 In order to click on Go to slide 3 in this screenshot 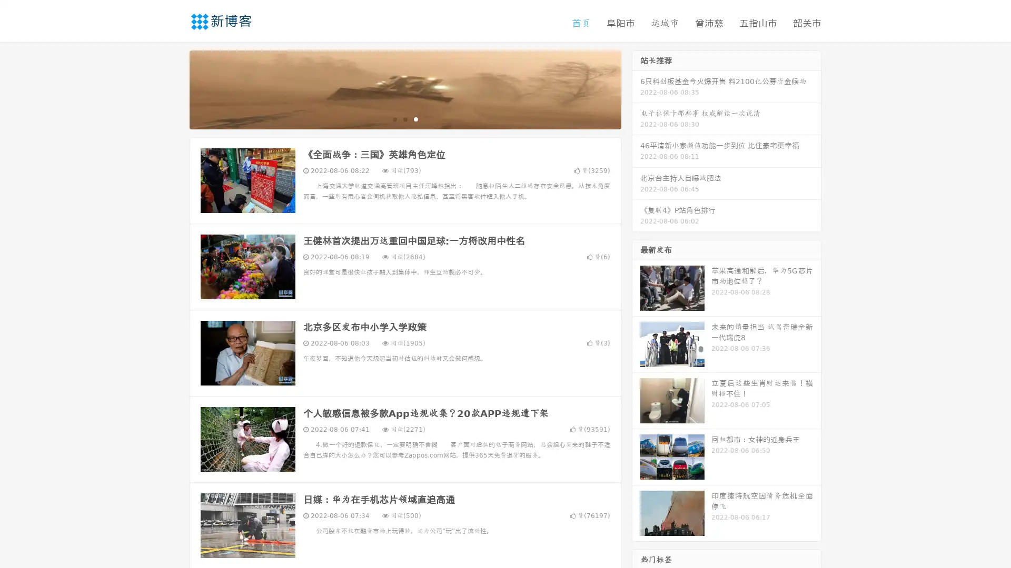, I will do `click(415, 118)`.